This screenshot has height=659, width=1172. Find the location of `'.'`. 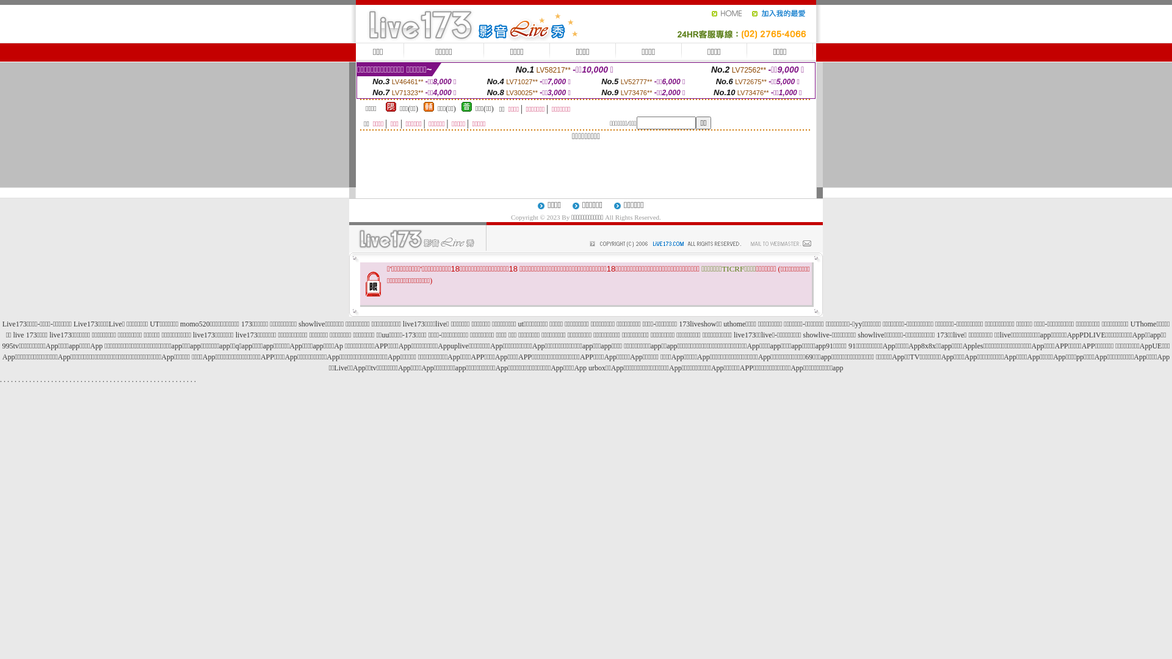

'.' is located at coordinates (183, 378).